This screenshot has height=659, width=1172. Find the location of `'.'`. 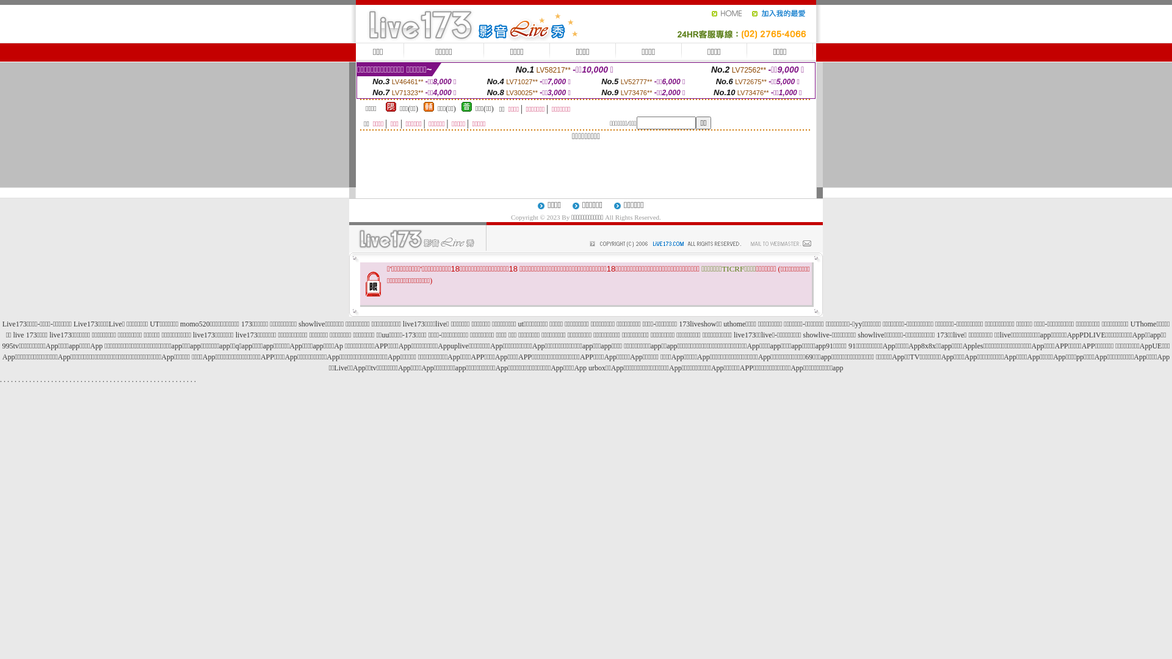

'.' is located at coordinates (183, 378).